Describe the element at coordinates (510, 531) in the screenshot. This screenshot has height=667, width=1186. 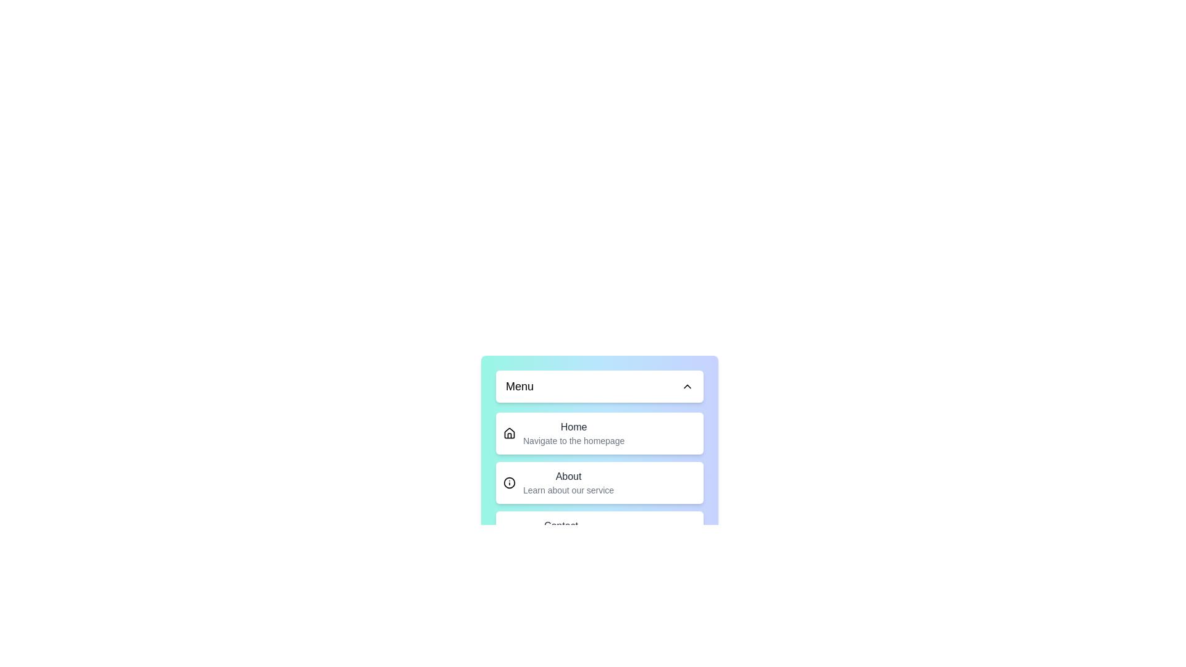
I see `the icon for Contact to inspect its feedback` at that location.